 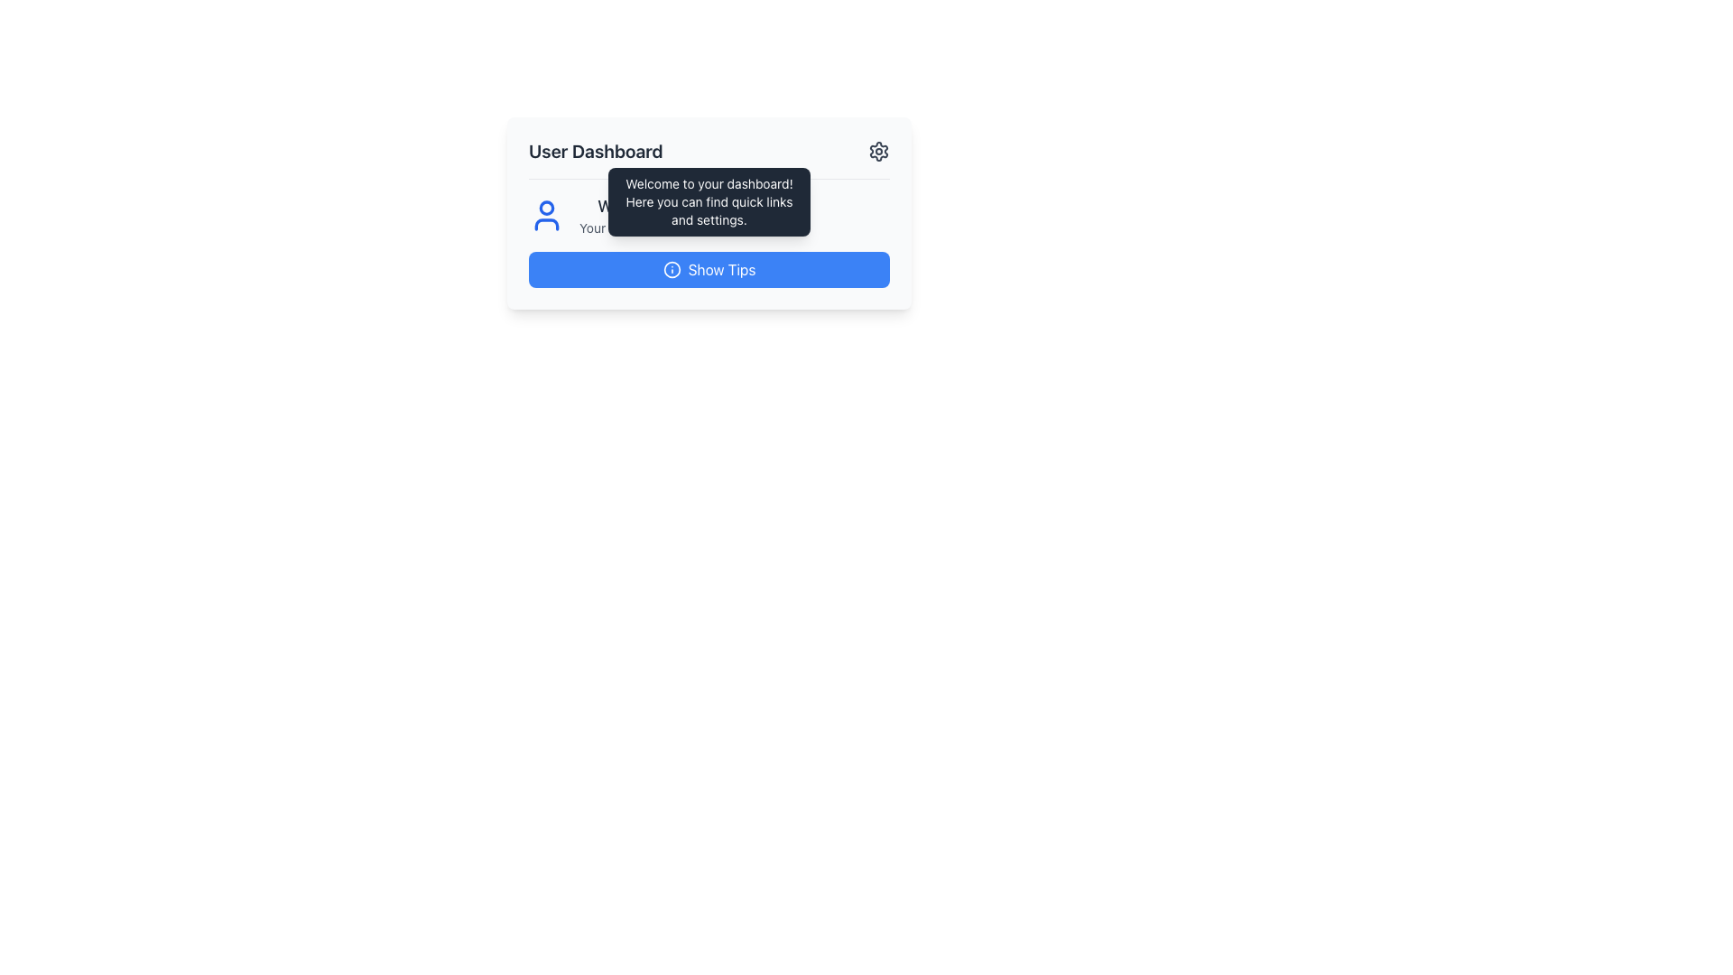 I want to click on the user account Icon located to the left of 'Welcome, John Doe' and above 'Your last login was 2 hours ago', so click(x=545, y=215).